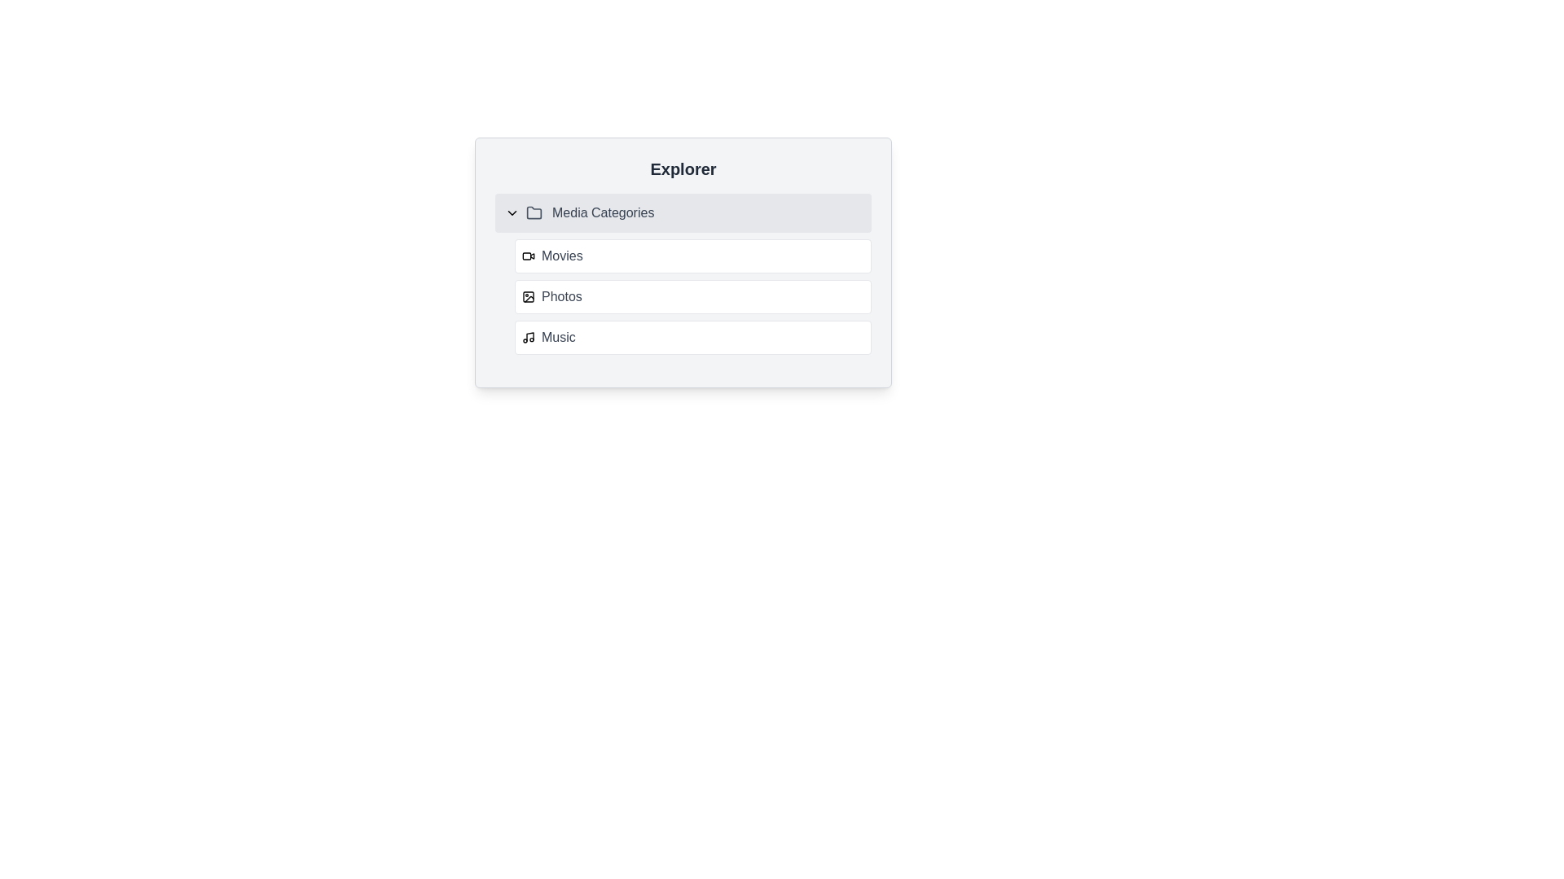  Describe the element at coordinates (528, 256) in the screenshot. I see `the SVG video camera icon located to the immediate left of the 'Movies' text in the media types list` at that location.